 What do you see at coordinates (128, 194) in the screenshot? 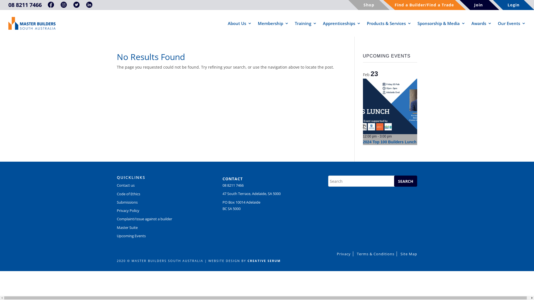
I see `'Code of Ethics'` at bounding box center [128, 194].